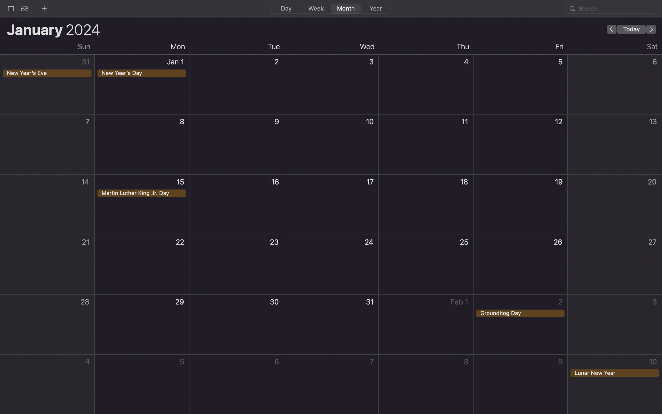 This screenshot has width=662, height=414. I want to click on Organize a new event on 2nd January, so click(237, 86).